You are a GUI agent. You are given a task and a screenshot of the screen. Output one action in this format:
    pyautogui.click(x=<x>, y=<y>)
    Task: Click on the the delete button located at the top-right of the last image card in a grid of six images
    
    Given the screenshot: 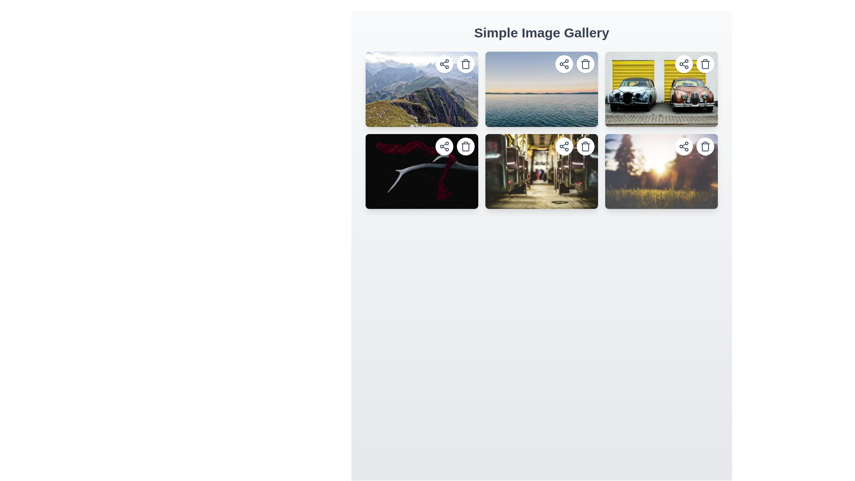 What is the action you would take?
    pyautogui.click(x=705, y=145)
    